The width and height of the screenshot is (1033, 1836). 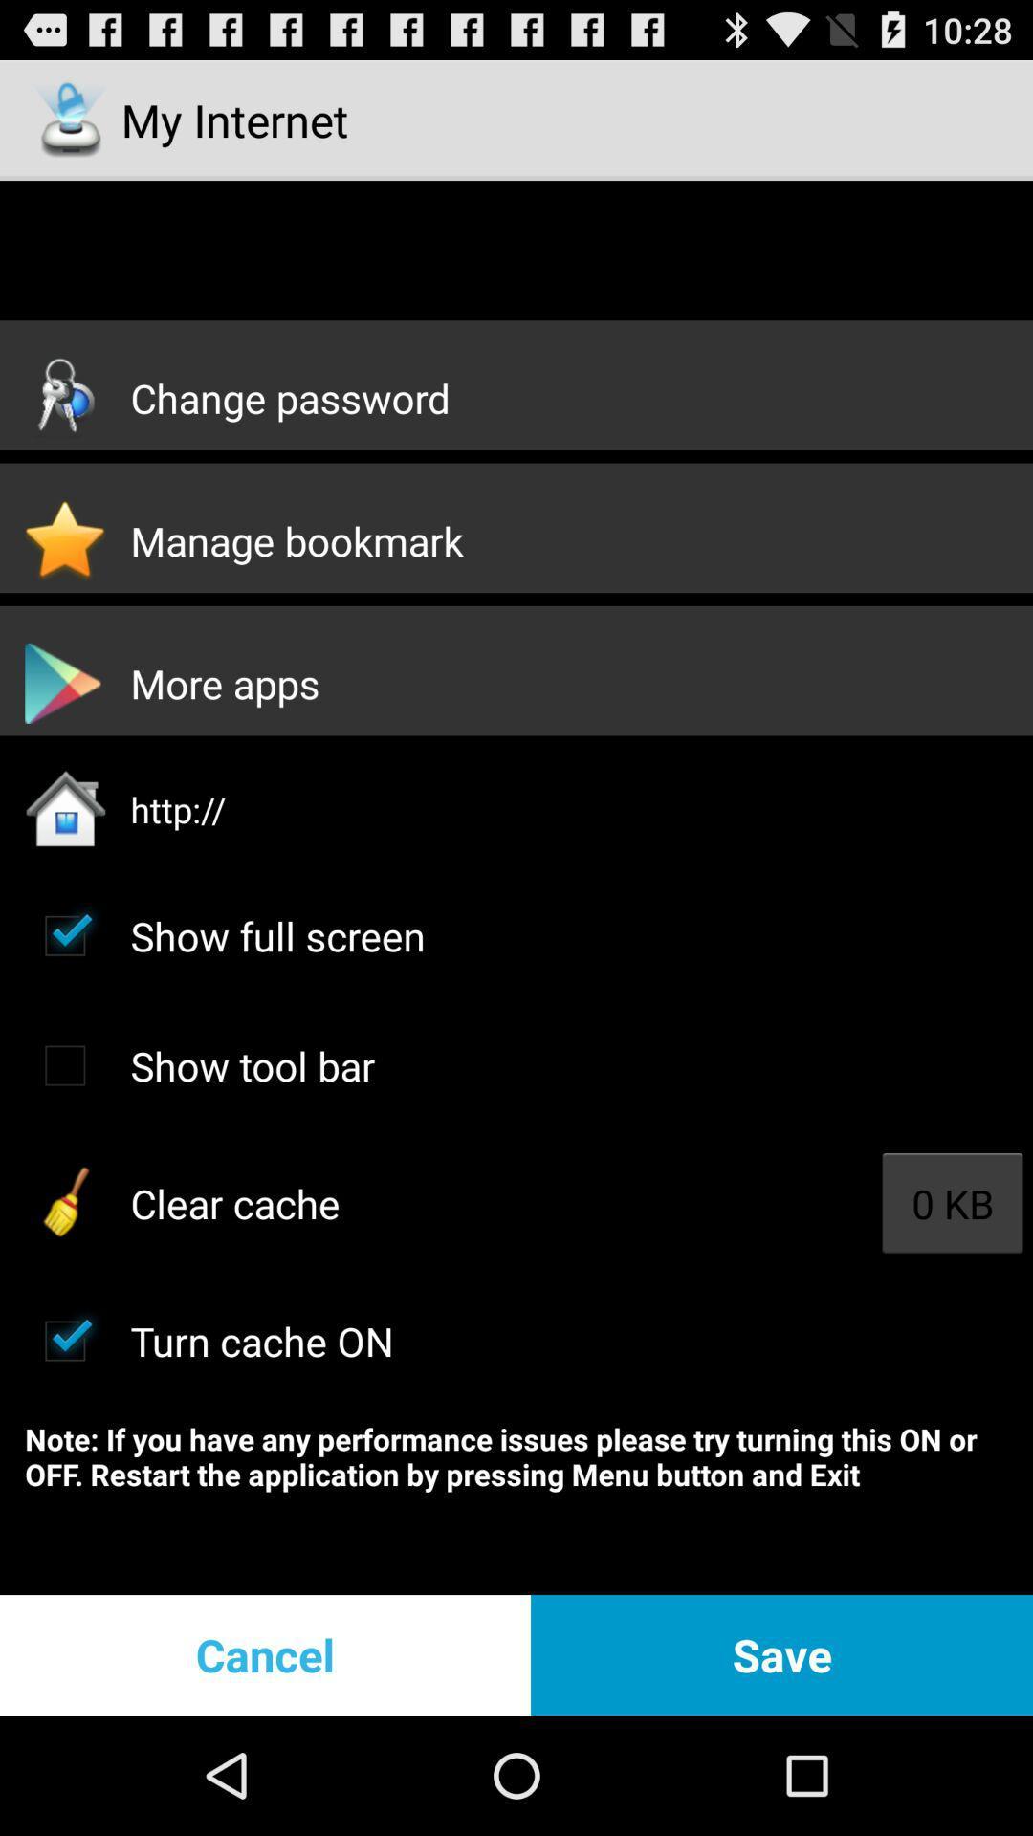 I want to click on on/off setting, so click(x=64, y=1340).